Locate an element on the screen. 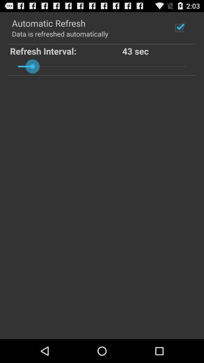  the item below data is refreshed item is located at coordinates (66, 50).